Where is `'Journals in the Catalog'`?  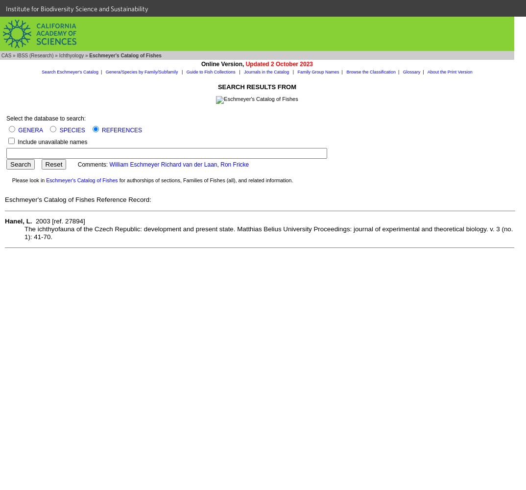
'Journals in the Catalog' is located at coordinates (266, 72).